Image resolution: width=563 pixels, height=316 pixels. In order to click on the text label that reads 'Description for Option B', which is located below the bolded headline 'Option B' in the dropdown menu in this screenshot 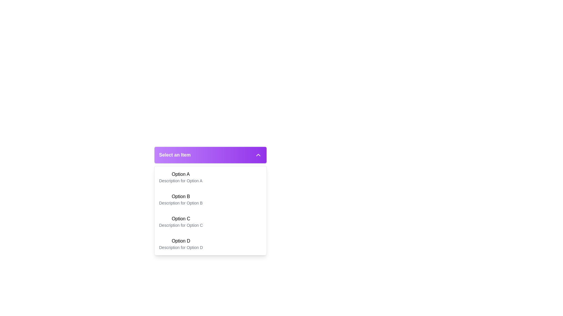, I will do `click(180, 203)`.